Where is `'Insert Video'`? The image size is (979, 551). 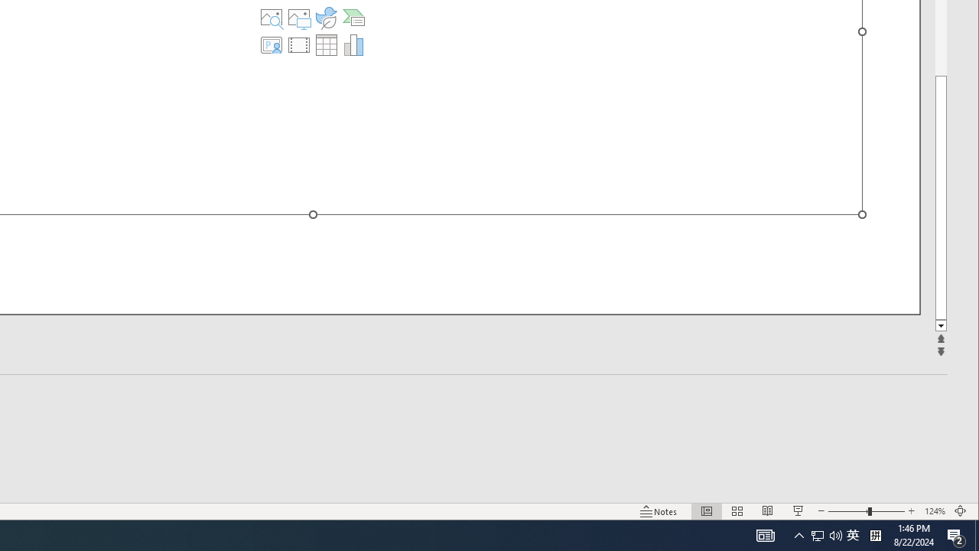
'Insert Video' is located at coordinates (299, 44).